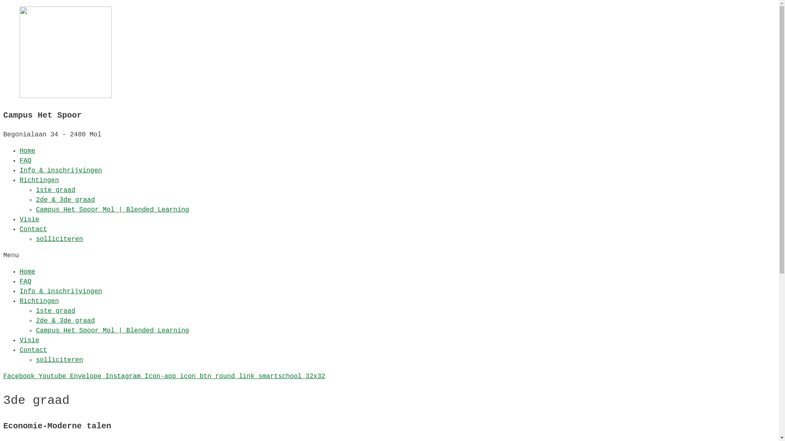  I want to click on 'Instagram', so click(125, 376).